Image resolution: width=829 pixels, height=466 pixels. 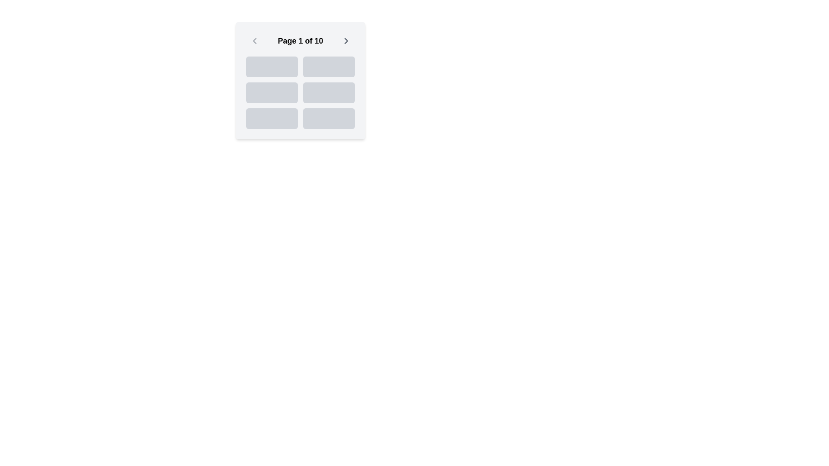 I want to click on the Placeholder block located in the second column and second row of a 3x2 grid layout, positioned towards the center-right of the interface, so click(x=329, y=93).